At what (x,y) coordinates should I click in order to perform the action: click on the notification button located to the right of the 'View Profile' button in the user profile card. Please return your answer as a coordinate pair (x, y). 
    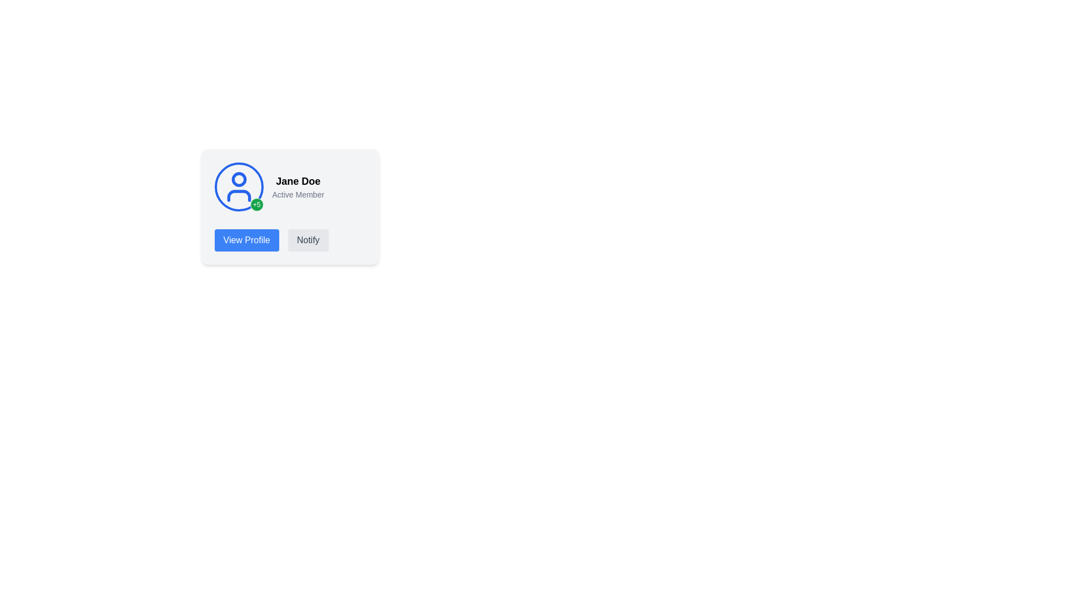
    Looking at the image, I should click on (308, 240).